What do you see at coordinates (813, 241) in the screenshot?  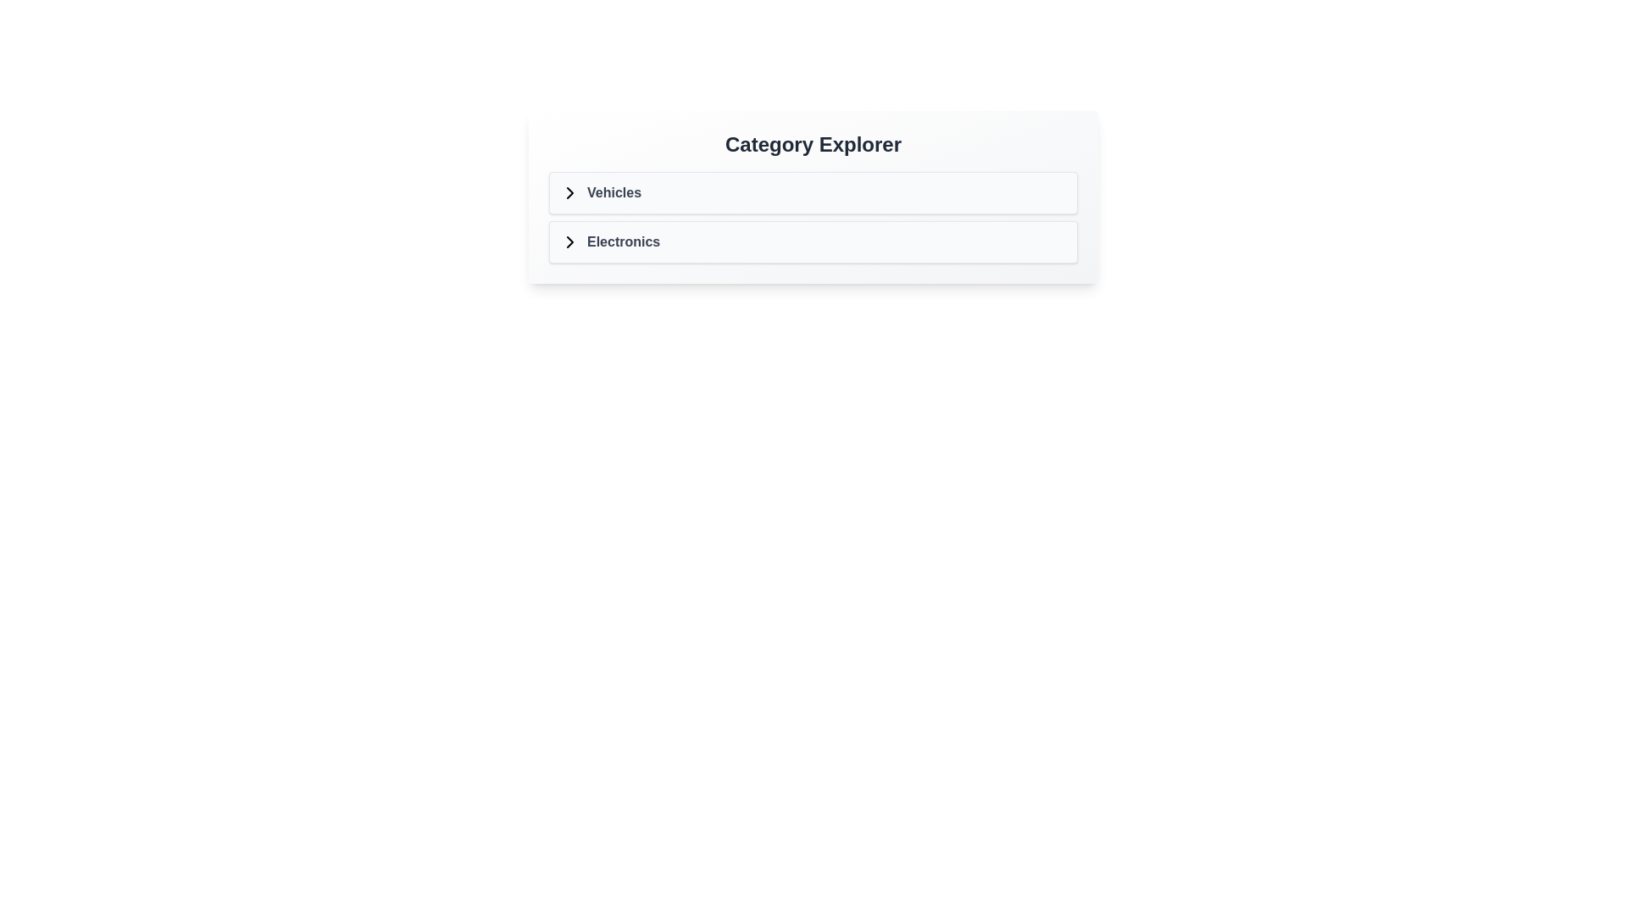 I see `the second item in the vertically stacked list` at bounding box center [813, 241].